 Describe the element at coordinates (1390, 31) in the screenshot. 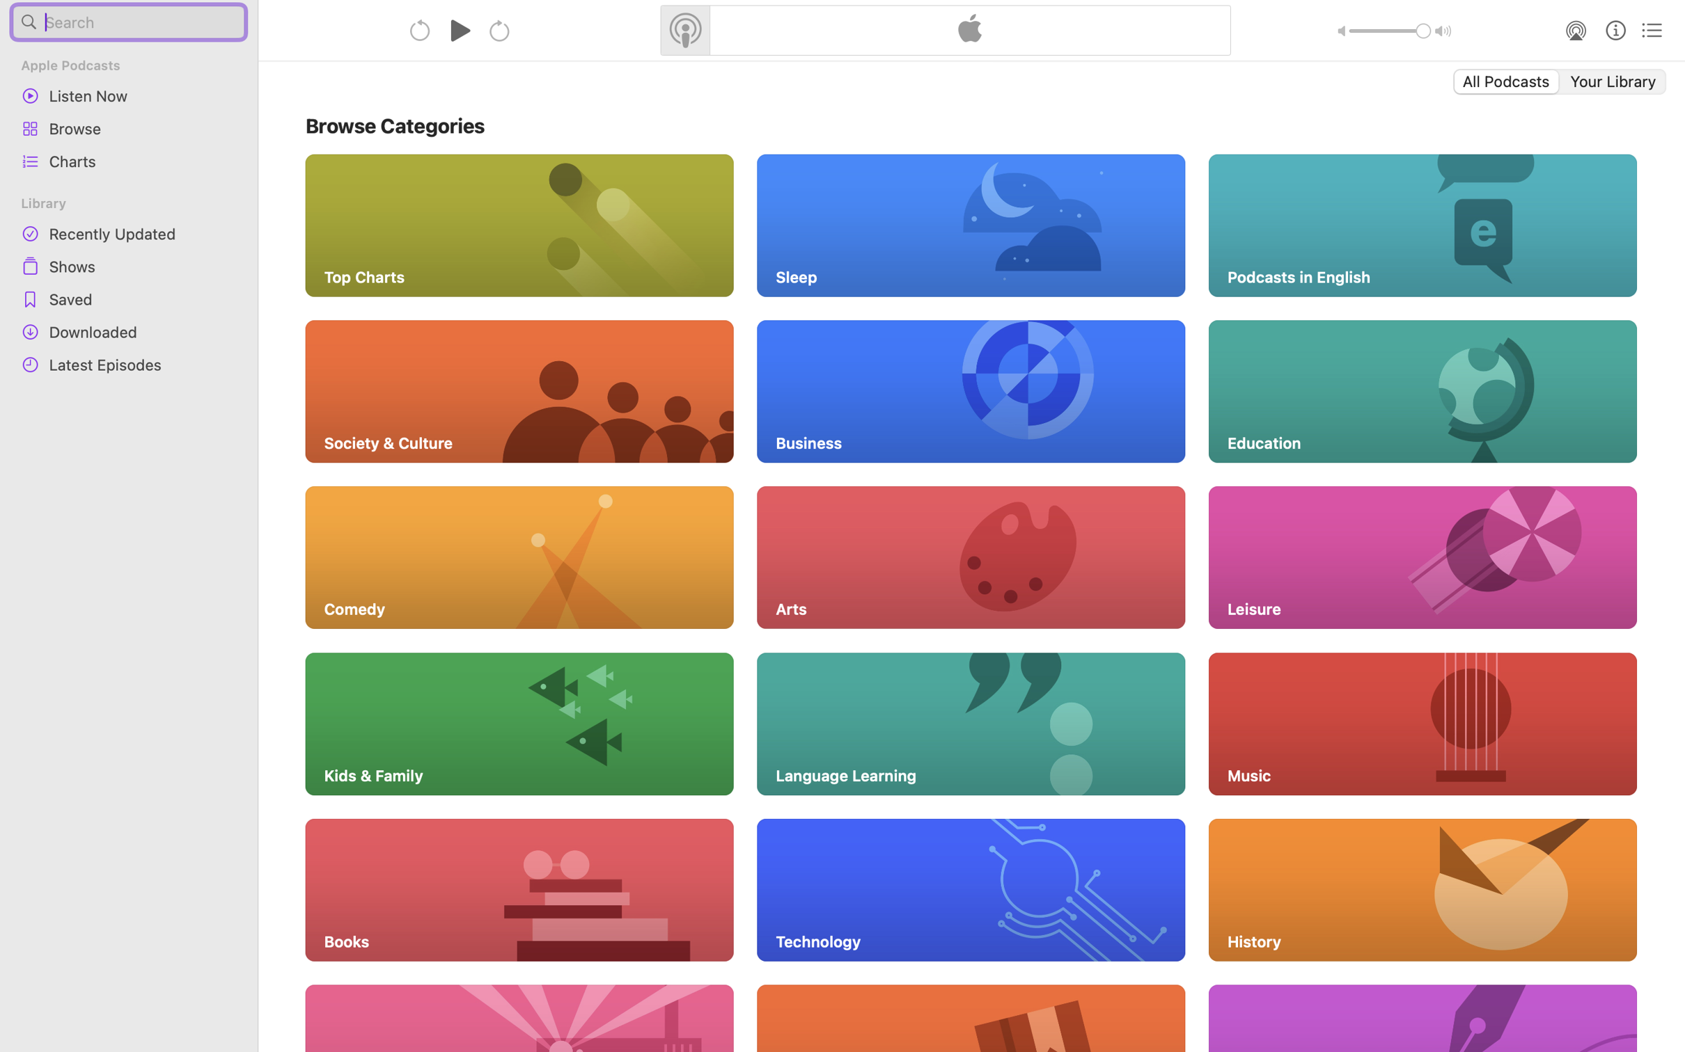

I see `'1.0'` at that location.